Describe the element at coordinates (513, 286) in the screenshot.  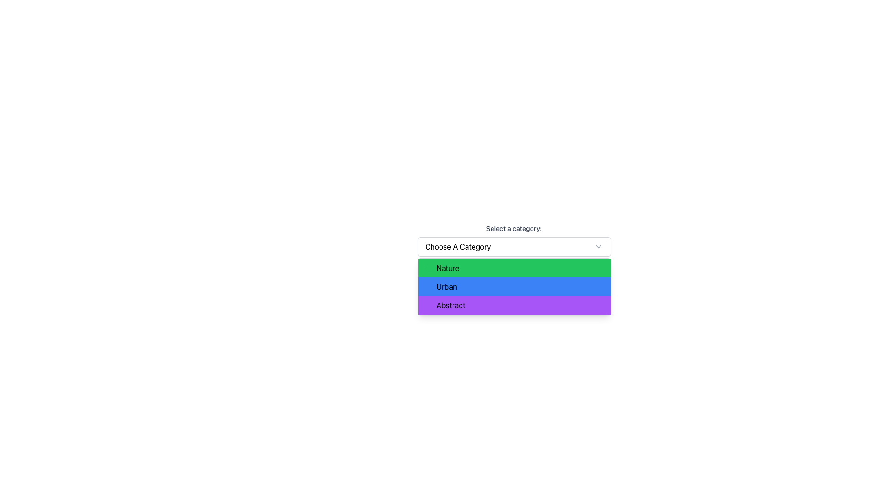
I see `the 'Urban' category option in the dropdown menu, which is the second item in a vertical list, positioned between 'Nature' and 'Abstract'` at that location.